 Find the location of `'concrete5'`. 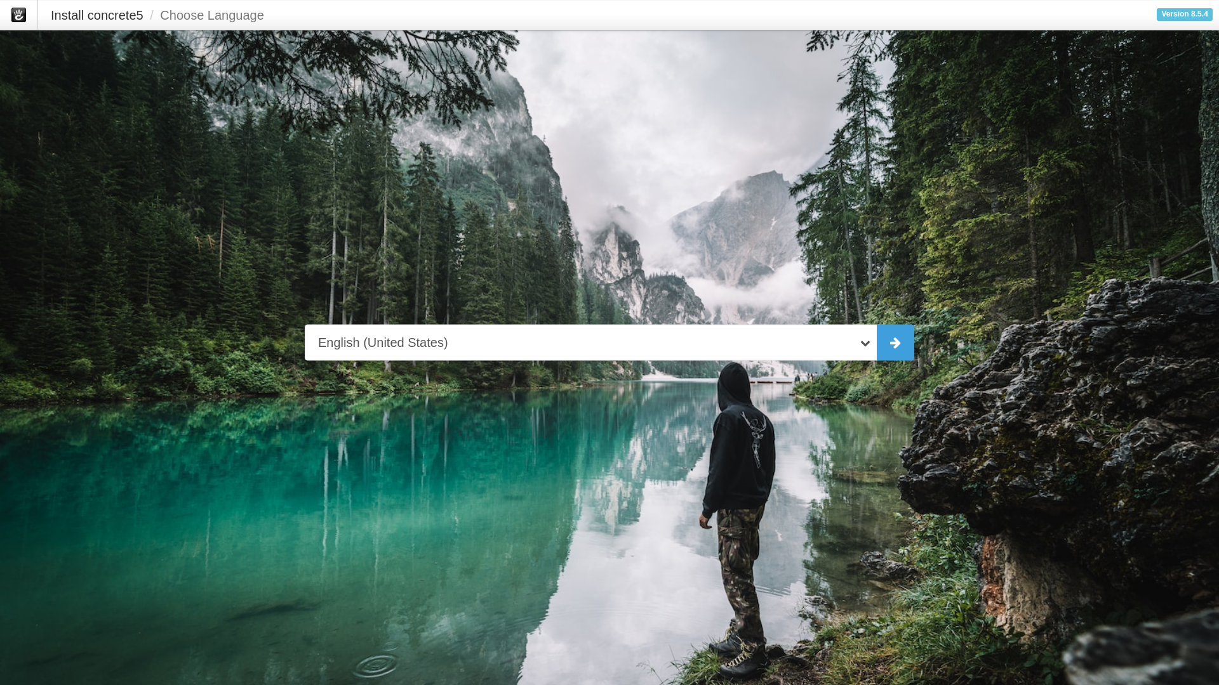

'concrete5' is located at coordinates (11, 15).